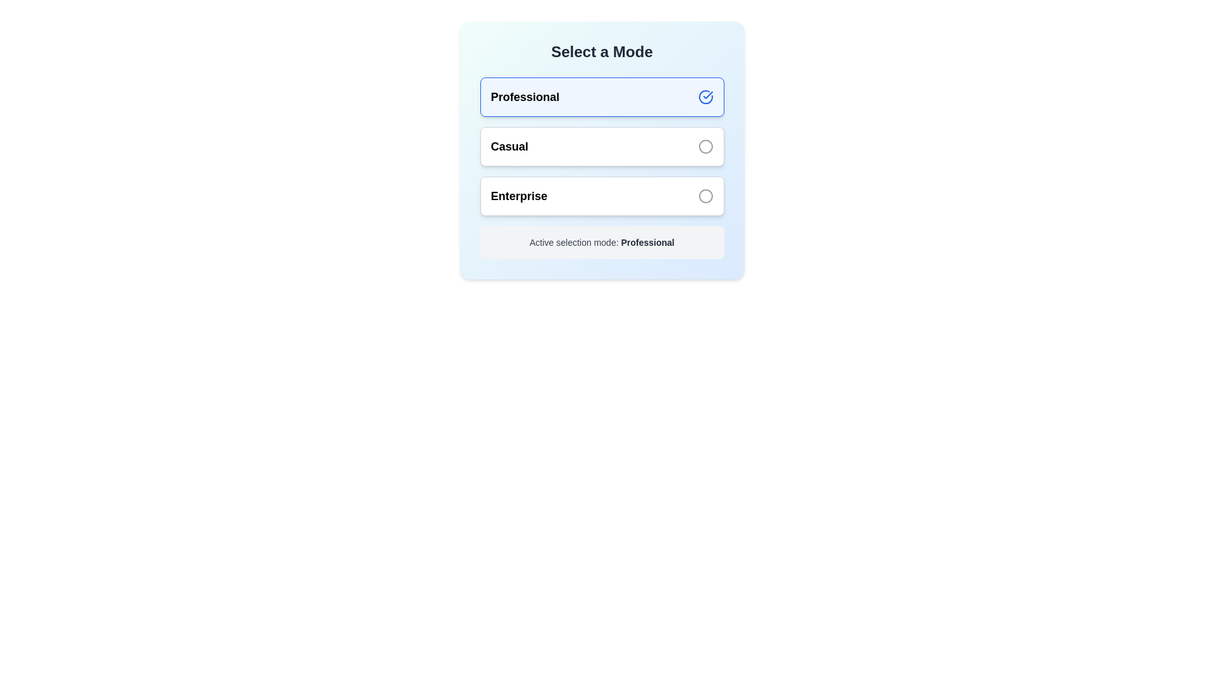  What do you see at coordinates (601, 149) in the screenshot?
I see `the highlighted option in the Card component with selectable options layout` at bounding box center [601, 149].